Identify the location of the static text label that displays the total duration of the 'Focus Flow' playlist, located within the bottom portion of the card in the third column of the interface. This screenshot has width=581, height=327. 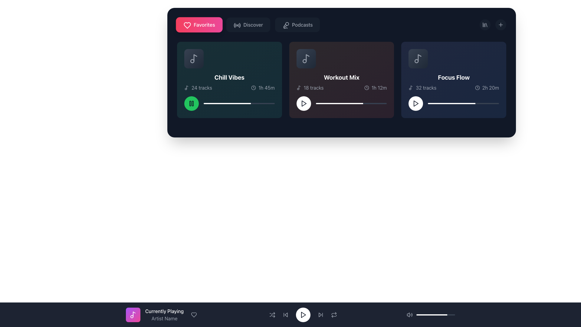
(491, 88).